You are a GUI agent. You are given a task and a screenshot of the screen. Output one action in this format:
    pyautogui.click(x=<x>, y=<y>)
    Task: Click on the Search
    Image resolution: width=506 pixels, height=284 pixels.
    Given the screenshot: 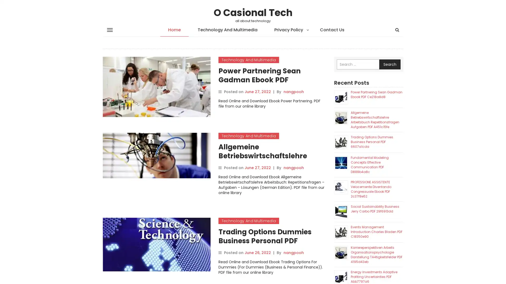 What is the action you would take?
    pyautogui.click(x=390, y=64)
    